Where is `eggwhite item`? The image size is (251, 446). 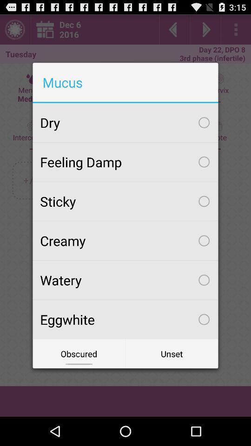
eggwhite item is located at coordinates (125, 319).